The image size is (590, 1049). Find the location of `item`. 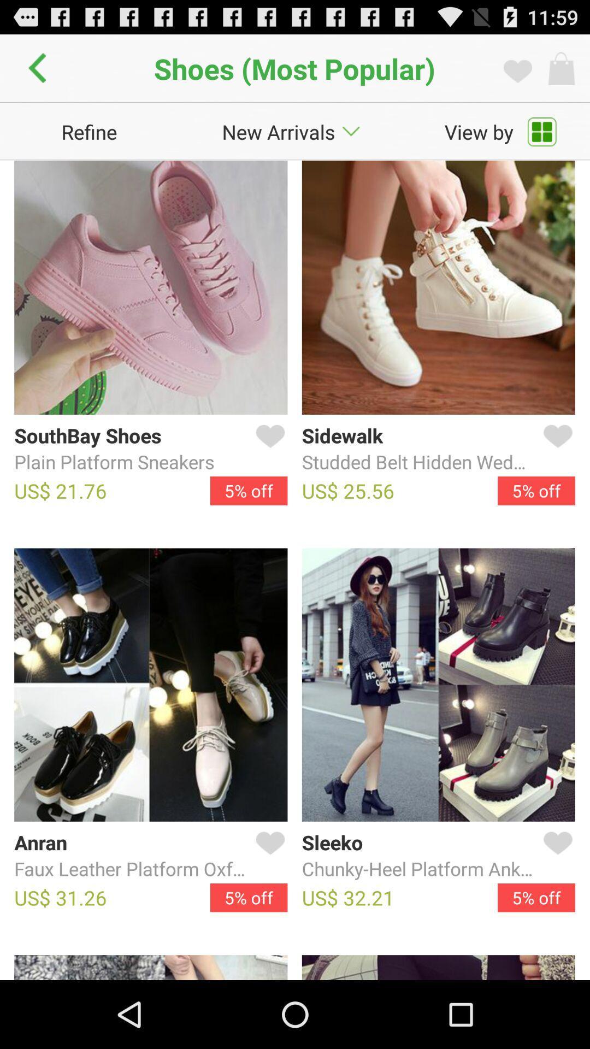

item is located at coordinates (268, 449).